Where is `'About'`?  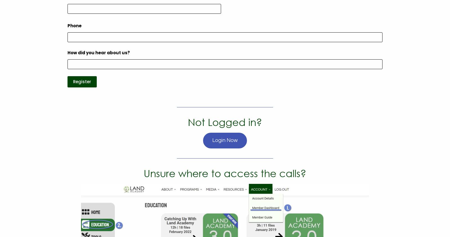 'About' is located at coordinates (54, 60).